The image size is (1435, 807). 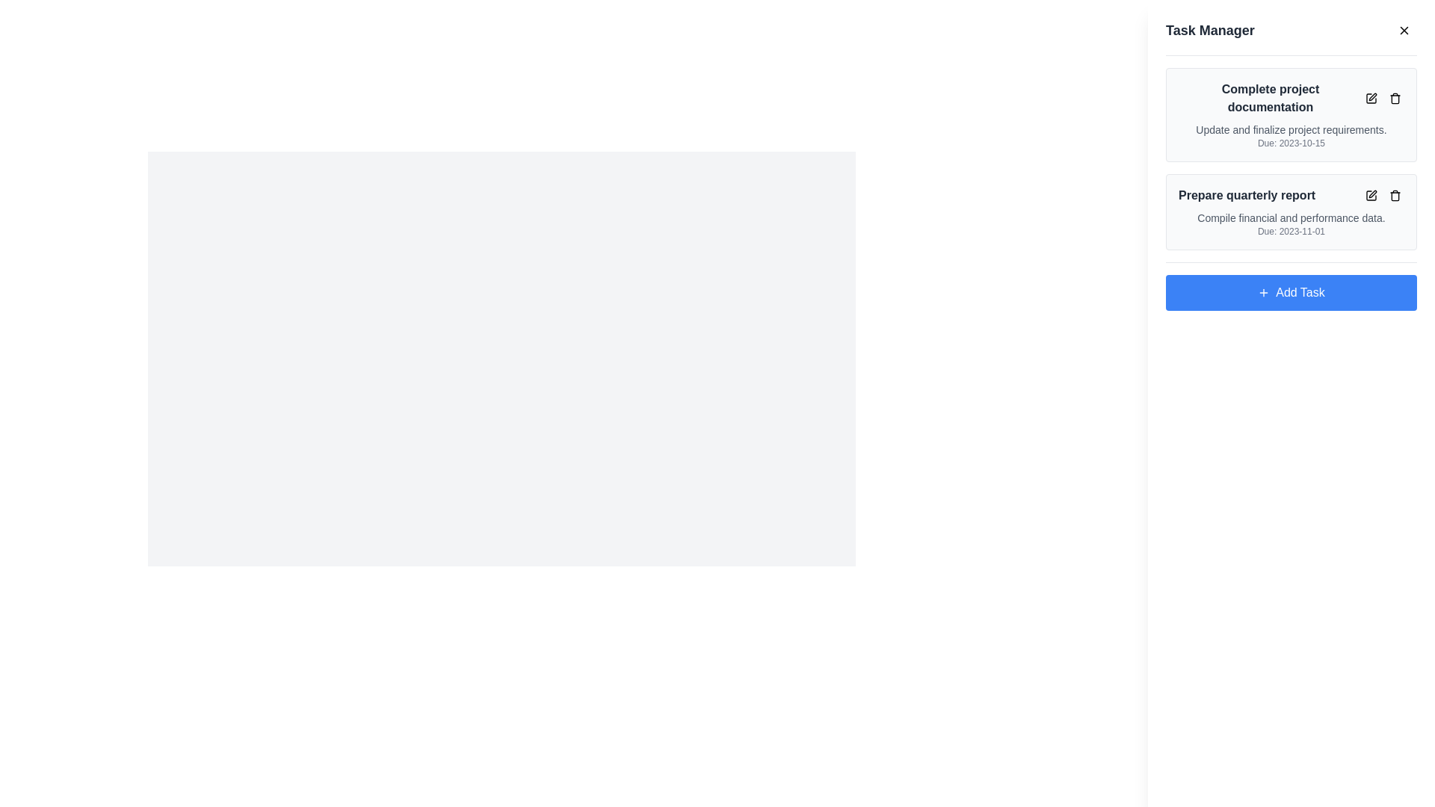 What do you see at coordinates (1291, 114) in the screenshot?
I see `the 'Complete project documentation' card in the Task Manager section` at bounding box center [1291, 114].